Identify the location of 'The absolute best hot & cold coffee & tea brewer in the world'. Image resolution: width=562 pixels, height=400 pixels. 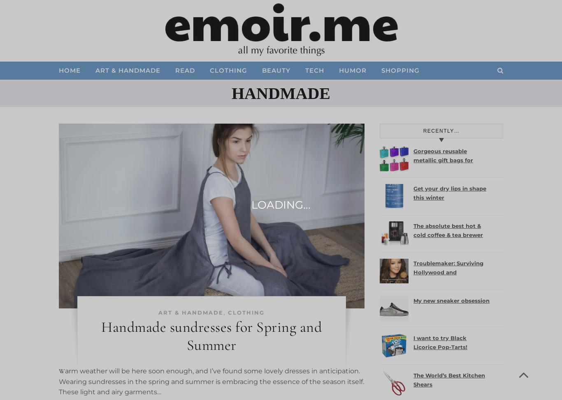
(413, 234).